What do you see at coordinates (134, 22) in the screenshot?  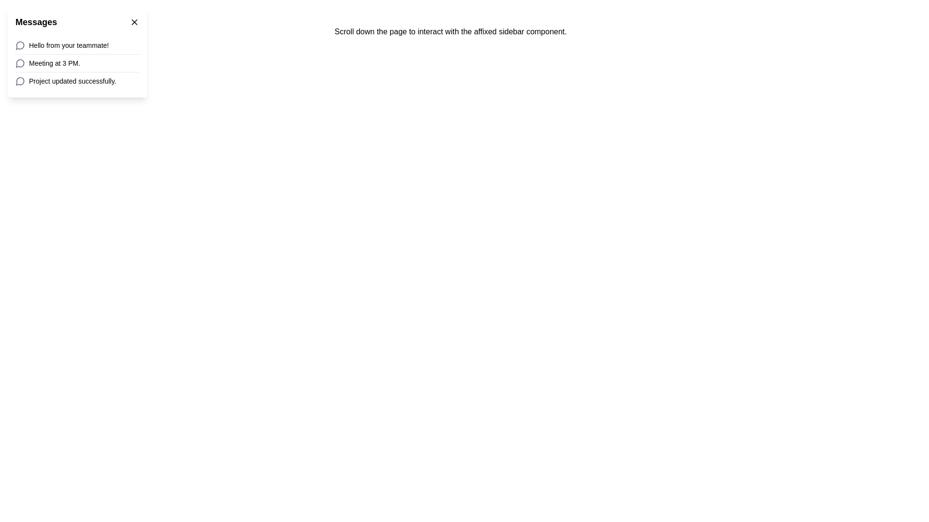 I see `the center of the cross icon located in the top right corner of the 'Messages' section` at bounding box center [134, 22].